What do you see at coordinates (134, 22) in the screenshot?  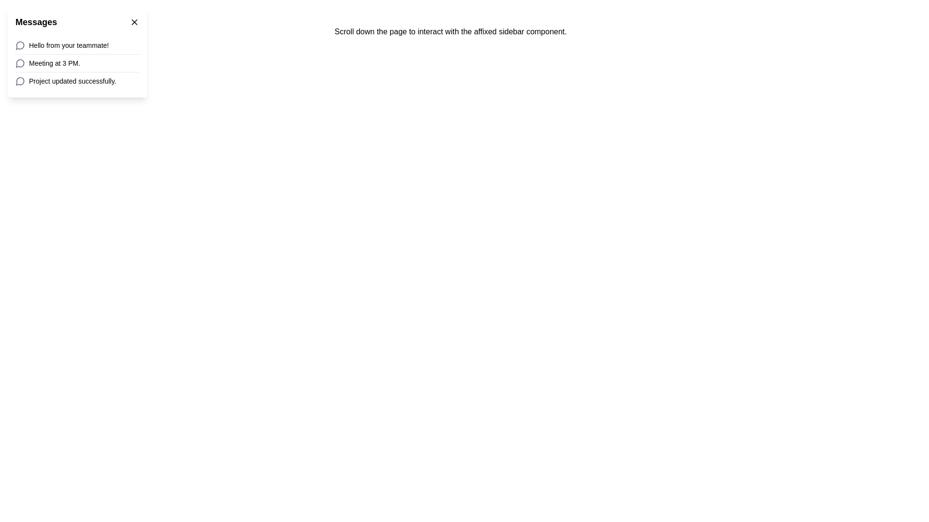 I see `the center of the cross icon located in the top right corner of the 'Messages' section` at bounding box center [134, 22].